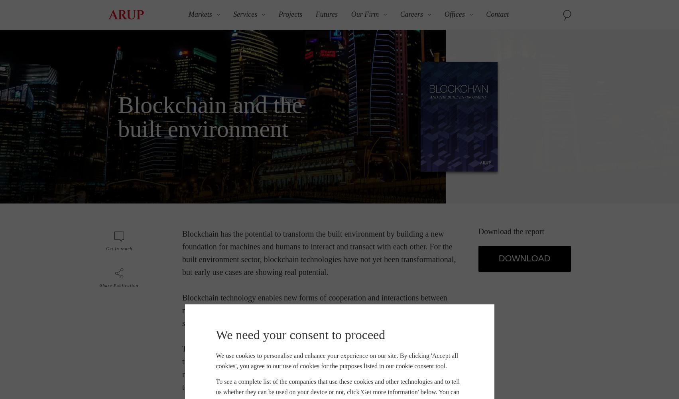 This screenshot has width=679, height=399. I want to click on 'Partnerships', so click(447, 148).